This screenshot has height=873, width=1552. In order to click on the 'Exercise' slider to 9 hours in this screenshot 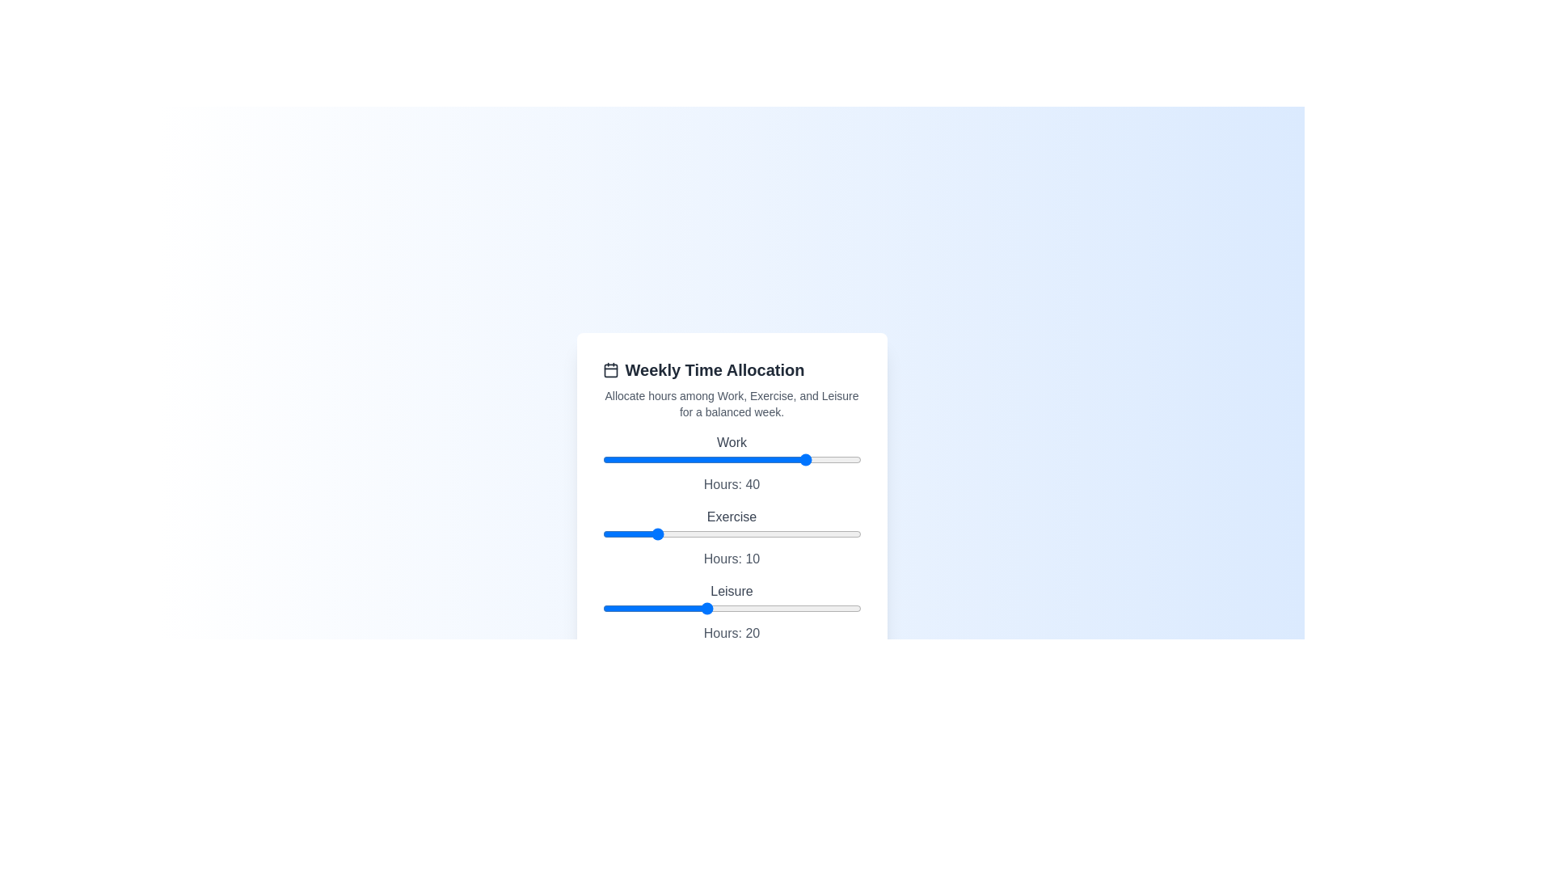, I will do `click(649, 533)`.